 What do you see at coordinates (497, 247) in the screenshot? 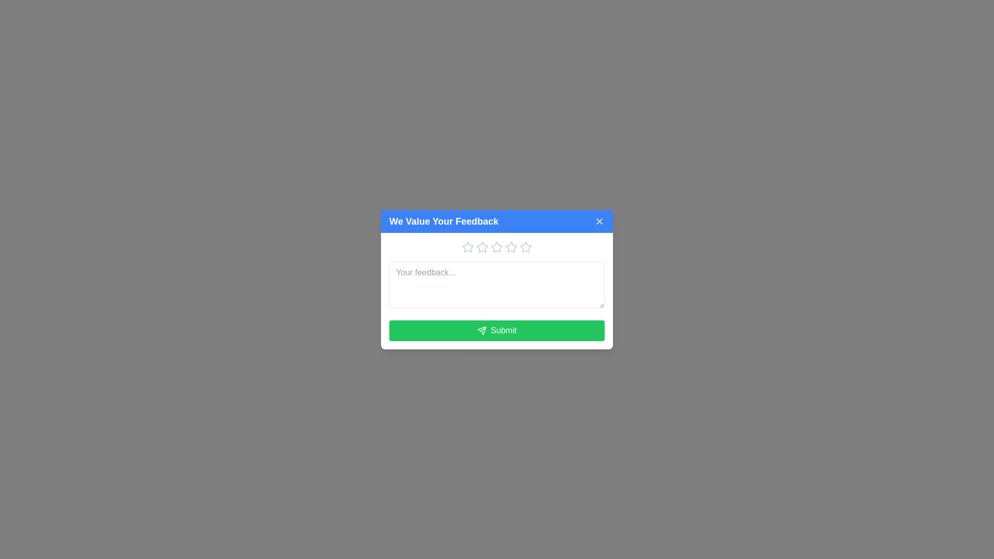
I see `the star in the rating component to set the user's feedback intensity, which is located within the modal window between the heading 'We Value Your Feedback' and the text area input field labeled 'Your feedback...'` at bounding box center [497, 247].